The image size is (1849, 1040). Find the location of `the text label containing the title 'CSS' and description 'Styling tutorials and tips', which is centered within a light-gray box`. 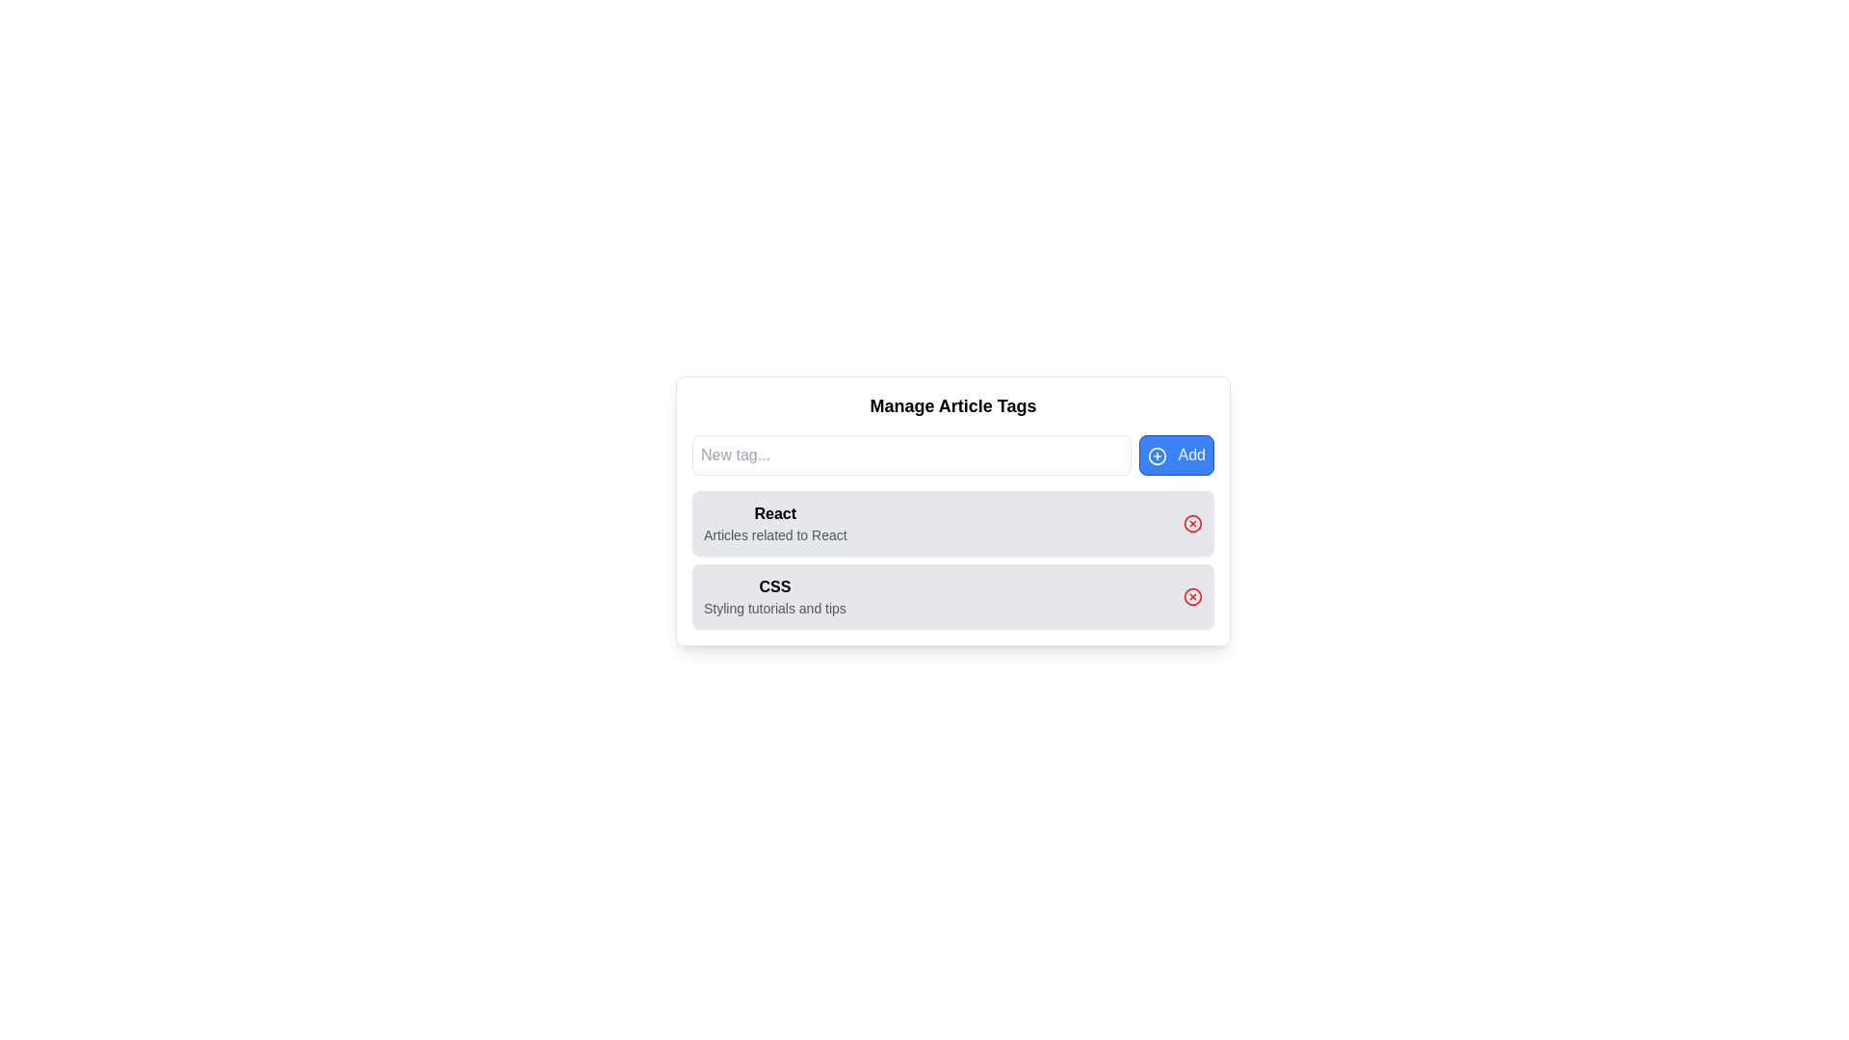

the text label containing the title 'CSS' and description 'Styling tutorials and tips', which is centered within a light-gray box is located at coordinates (774, 596).